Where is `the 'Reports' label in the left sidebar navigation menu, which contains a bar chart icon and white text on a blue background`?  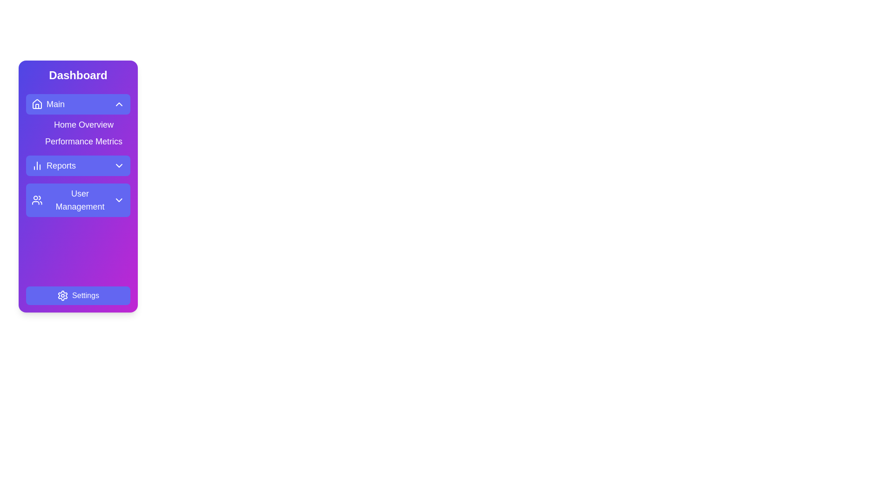
the 'Reports' label in the left sidebar navigation menu, which contains a bar chart icon and white text on a blue background is located at coordinates (53, 165).